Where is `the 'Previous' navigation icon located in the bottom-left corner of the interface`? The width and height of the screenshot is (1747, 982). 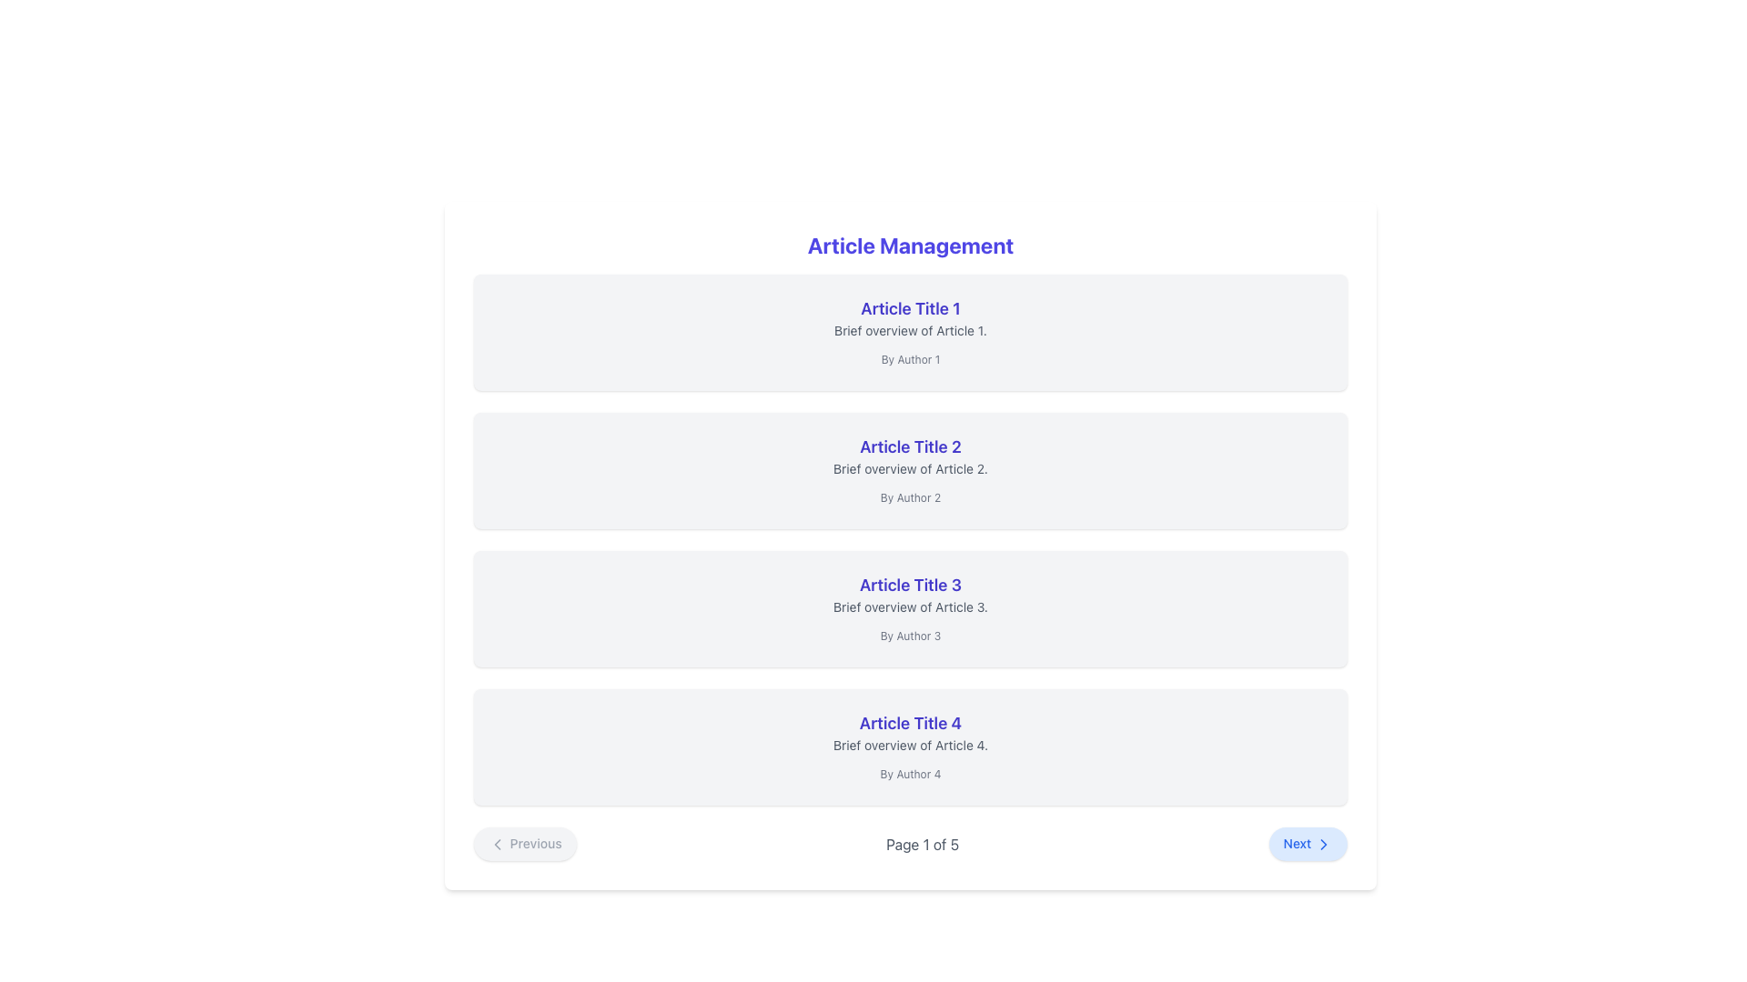
the 'Previous' navigation icon located in the bottom-left corner of the interface is located at coordinates (498, 845).